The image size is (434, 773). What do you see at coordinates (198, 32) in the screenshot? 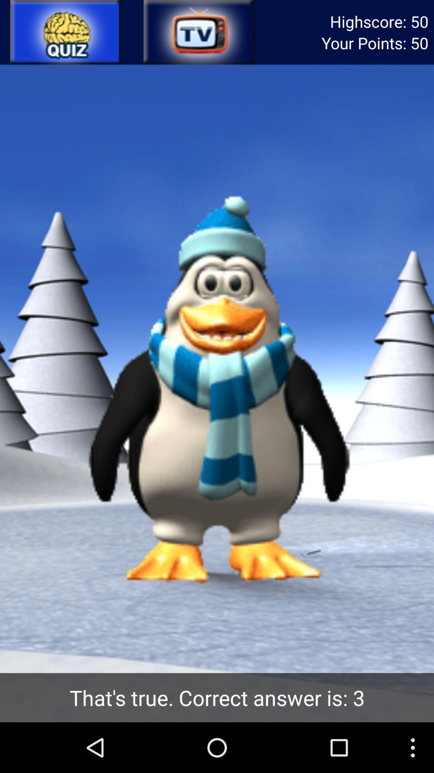
I see `switch tv option` at bounding box center [198, 32].